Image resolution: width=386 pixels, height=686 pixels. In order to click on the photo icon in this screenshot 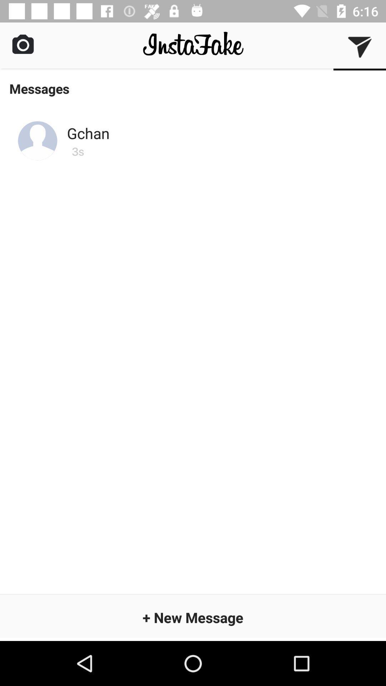, I will do `click(23, 44)`.